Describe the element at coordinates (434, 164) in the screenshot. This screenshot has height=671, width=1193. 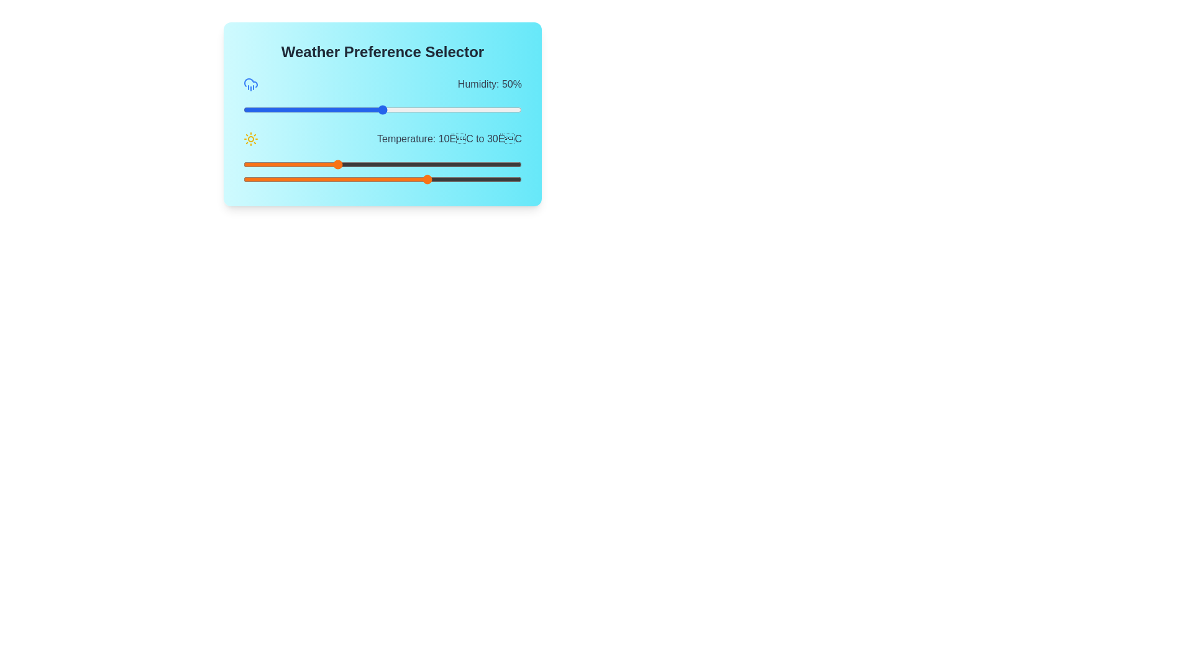
I see `the minimum temperature preference to 31°C using the first orange slider` at that location.